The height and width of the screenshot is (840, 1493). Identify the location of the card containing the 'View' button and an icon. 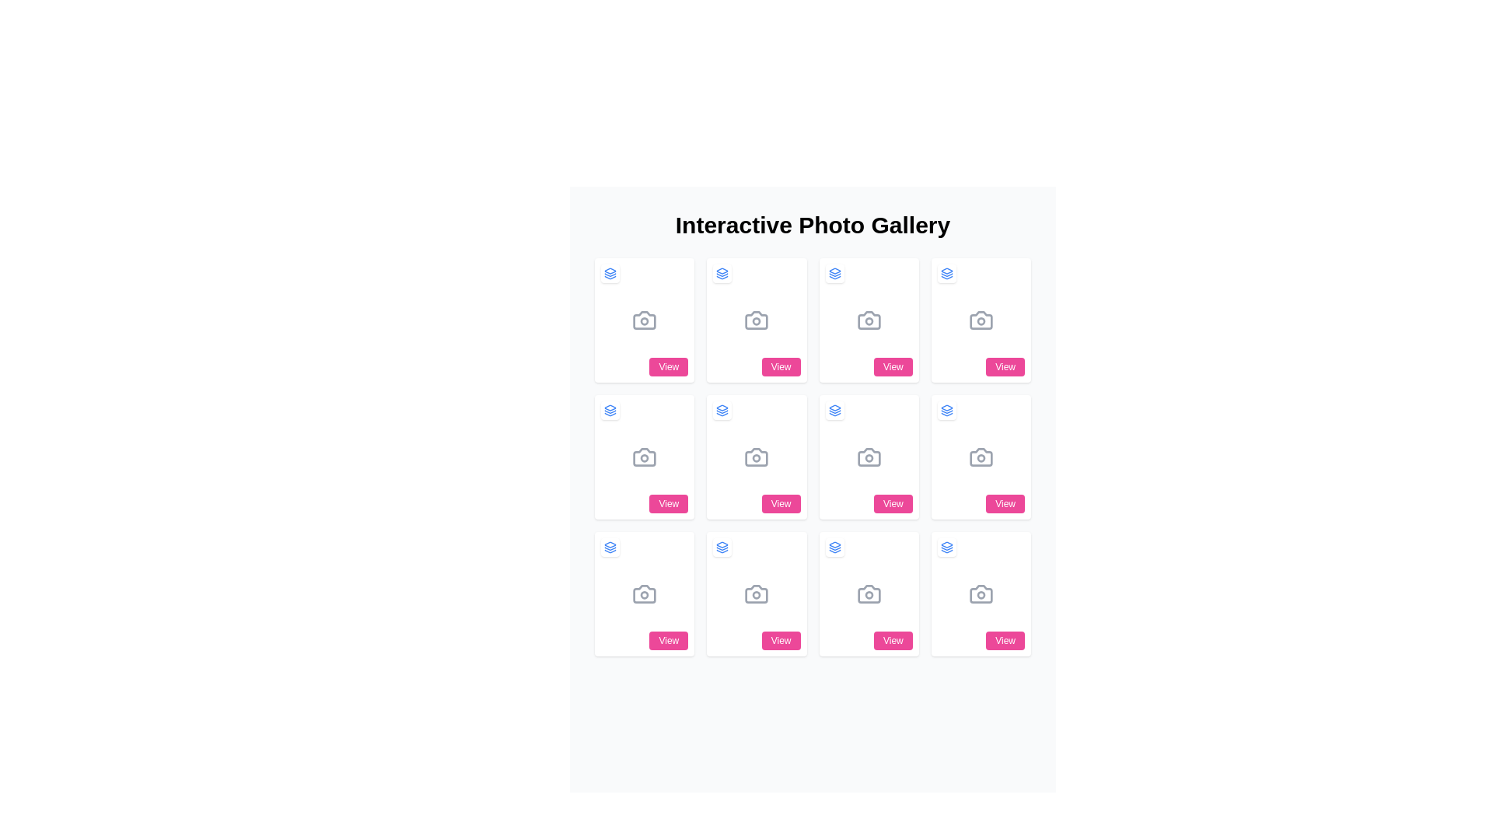
(645, 456).